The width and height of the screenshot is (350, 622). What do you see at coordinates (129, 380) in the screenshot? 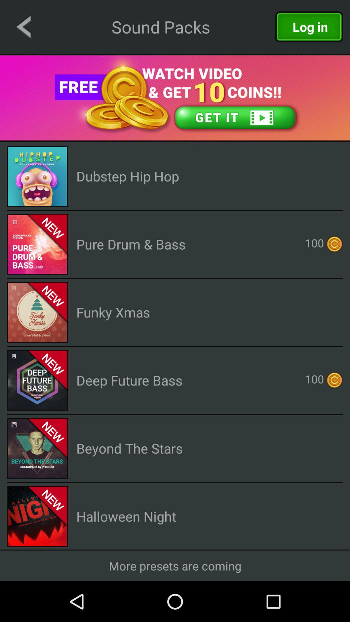
I see `the deep future bass icon` at bounding box center [129, 380].